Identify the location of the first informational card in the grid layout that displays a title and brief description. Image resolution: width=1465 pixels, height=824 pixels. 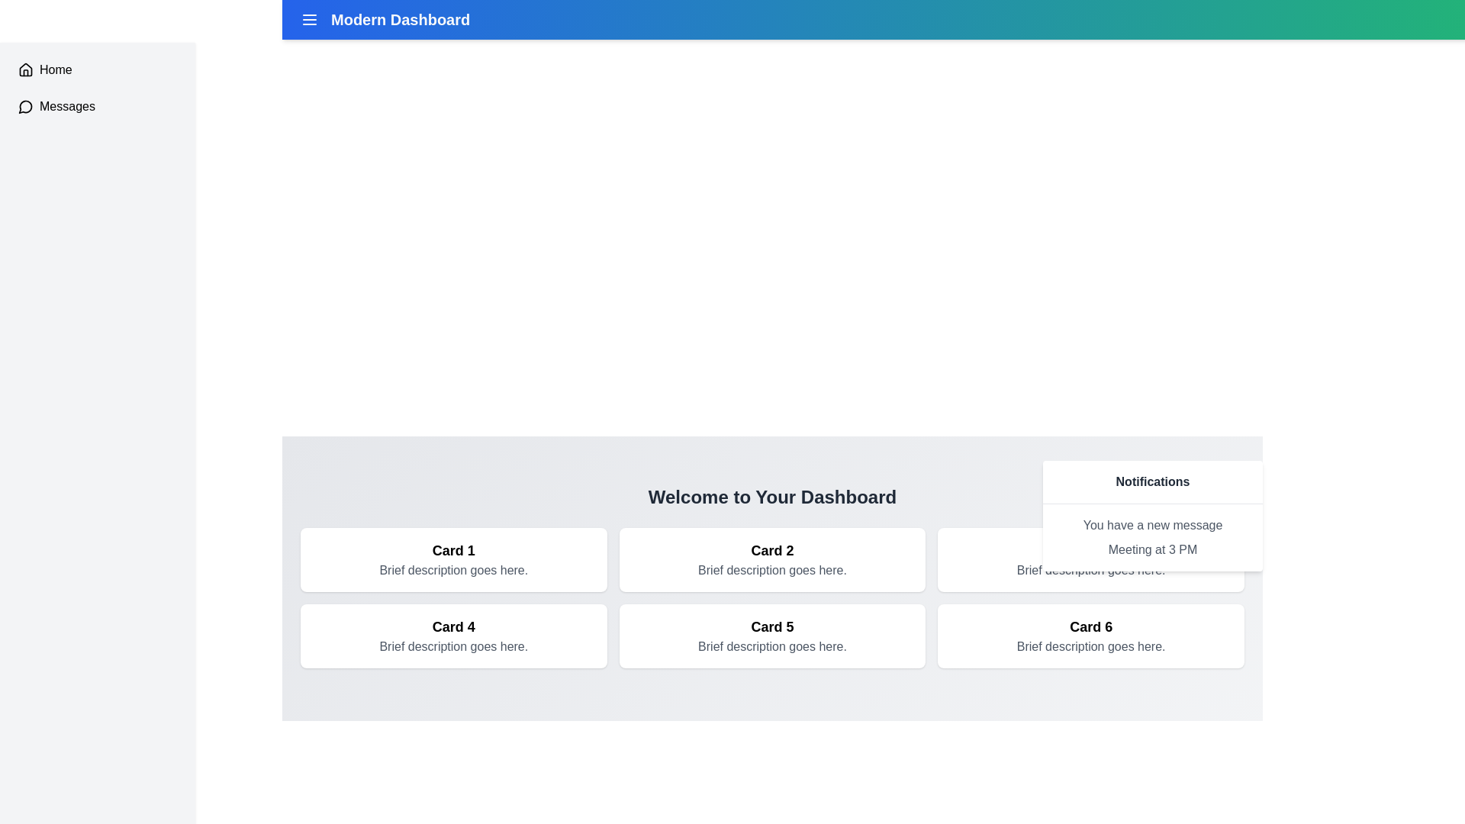
(452, 559).